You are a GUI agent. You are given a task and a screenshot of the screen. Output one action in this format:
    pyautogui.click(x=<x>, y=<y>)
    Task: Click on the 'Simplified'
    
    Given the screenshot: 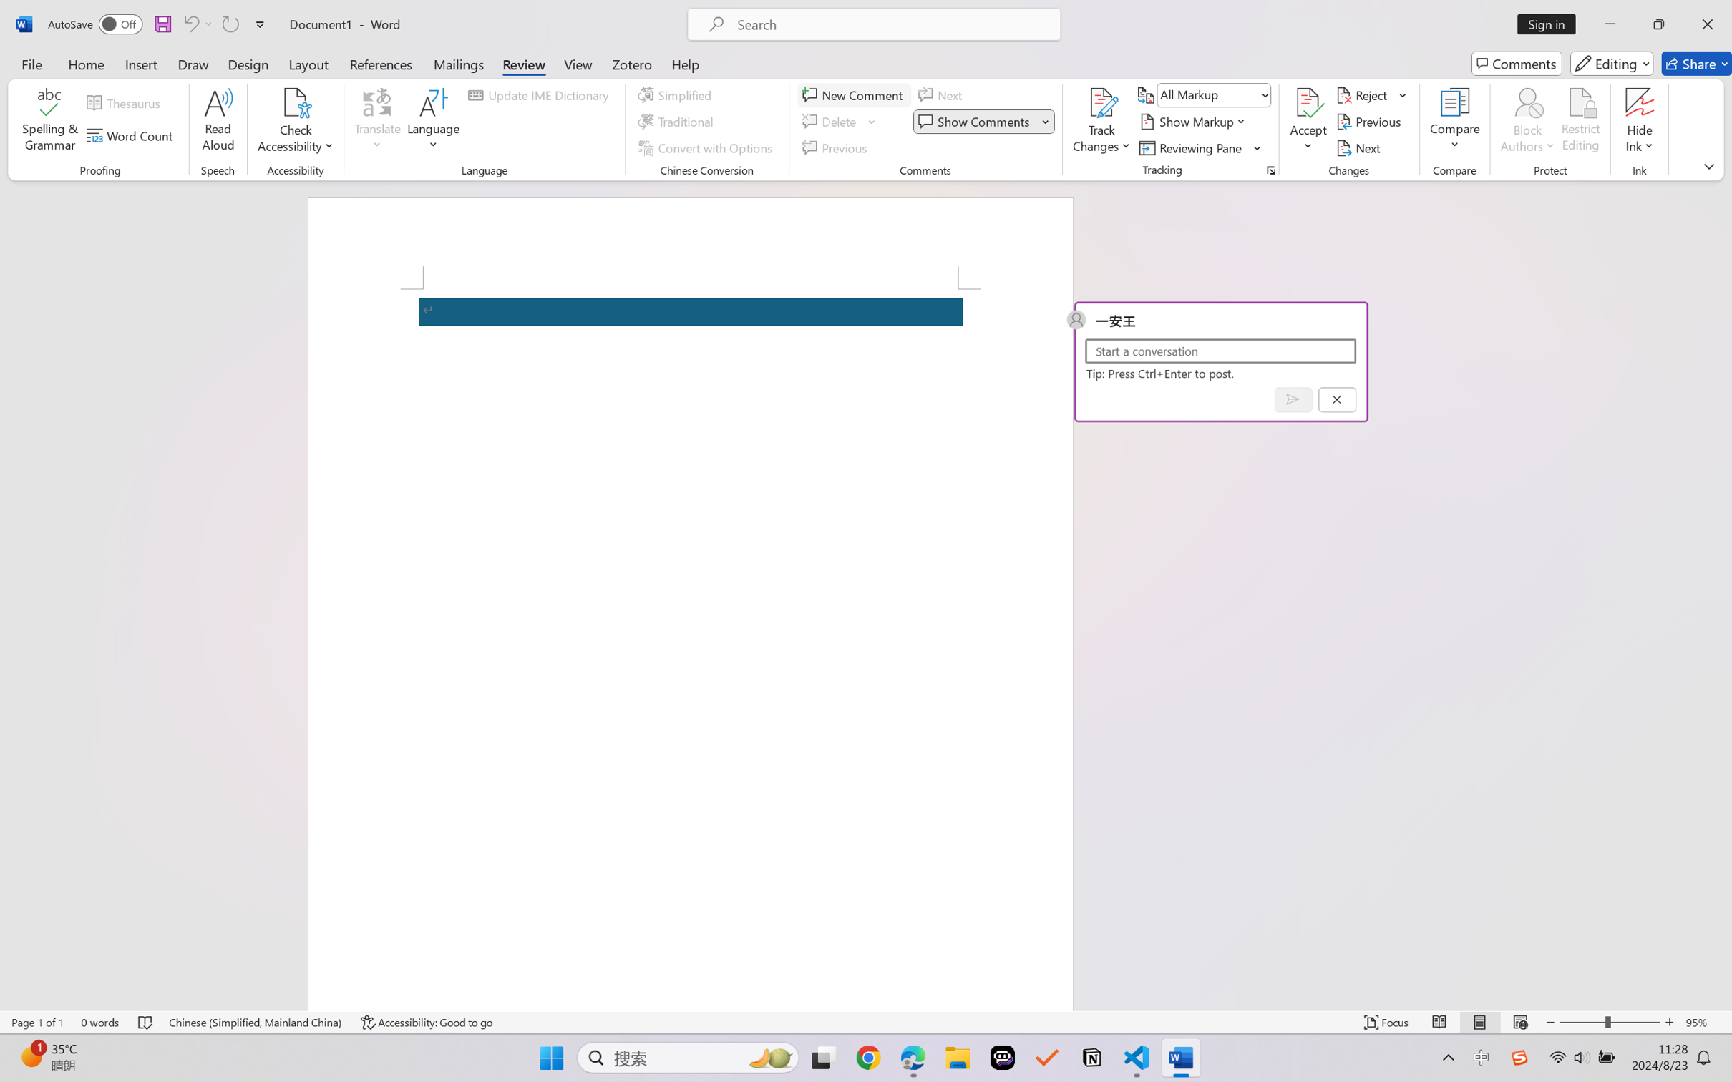 What is the action you would take?
    pyautogui.click(x=676, y=94)
    